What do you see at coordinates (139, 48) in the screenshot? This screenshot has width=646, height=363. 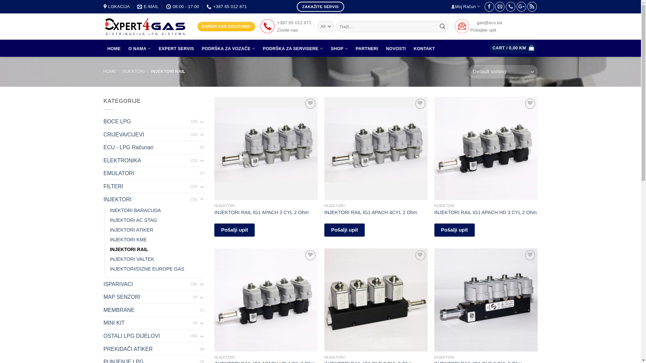 I see `'O NAMA'` at bounding box center [139, 48].